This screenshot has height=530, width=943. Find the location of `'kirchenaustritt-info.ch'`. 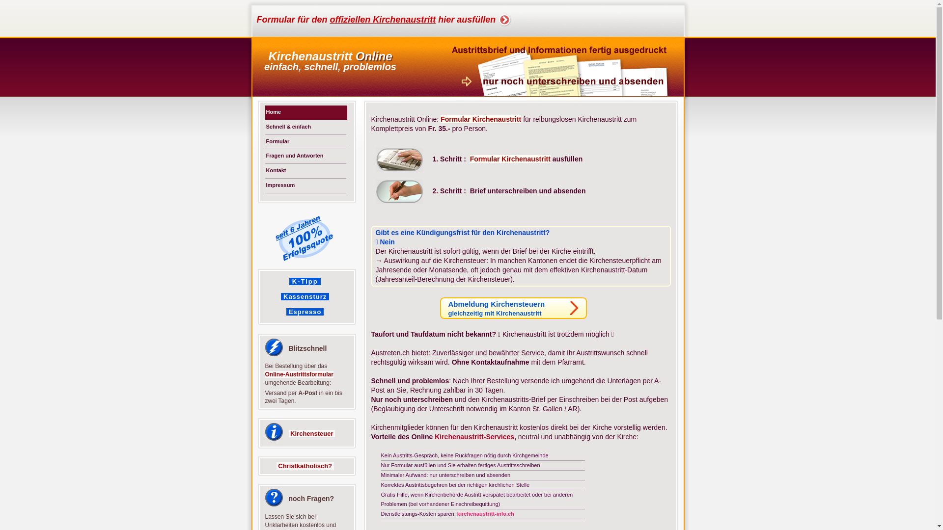

'kirchenaustritt-info.ch' is located at coordinates (485, 512).